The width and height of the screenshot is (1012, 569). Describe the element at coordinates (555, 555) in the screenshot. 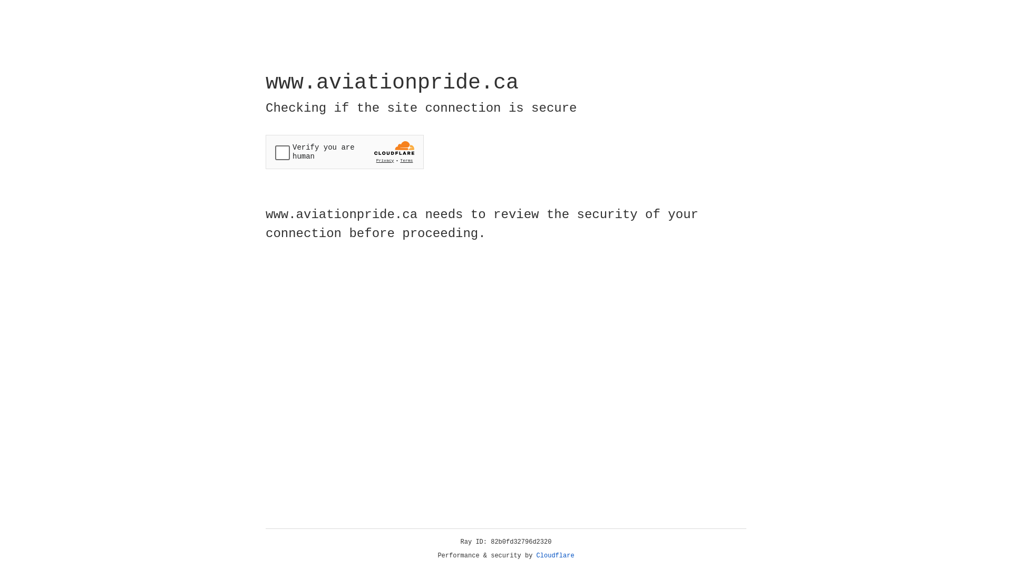

I see `'Cloudflare'` at that location.